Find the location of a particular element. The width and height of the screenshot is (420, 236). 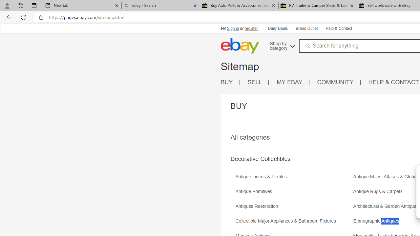

'SELL' is located at coordinates (258, 82).